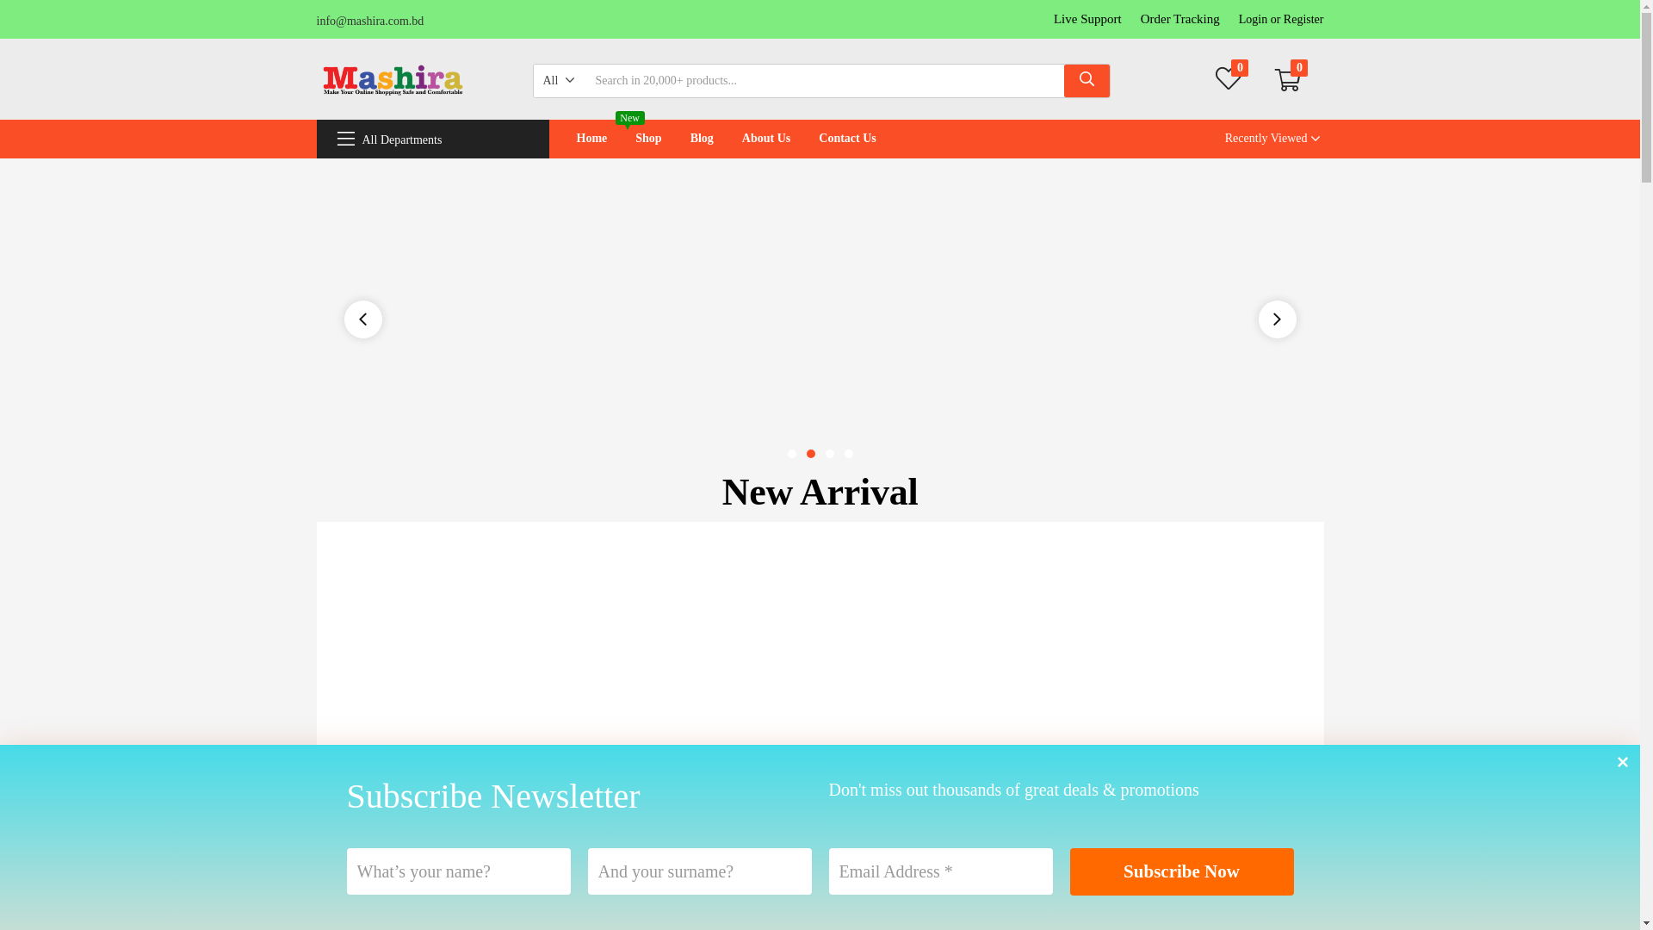  What do you see at coordinates (1180, 871) in the screenshot?
I see `'Subscribe Now'` at bounding box center [1180, 871].